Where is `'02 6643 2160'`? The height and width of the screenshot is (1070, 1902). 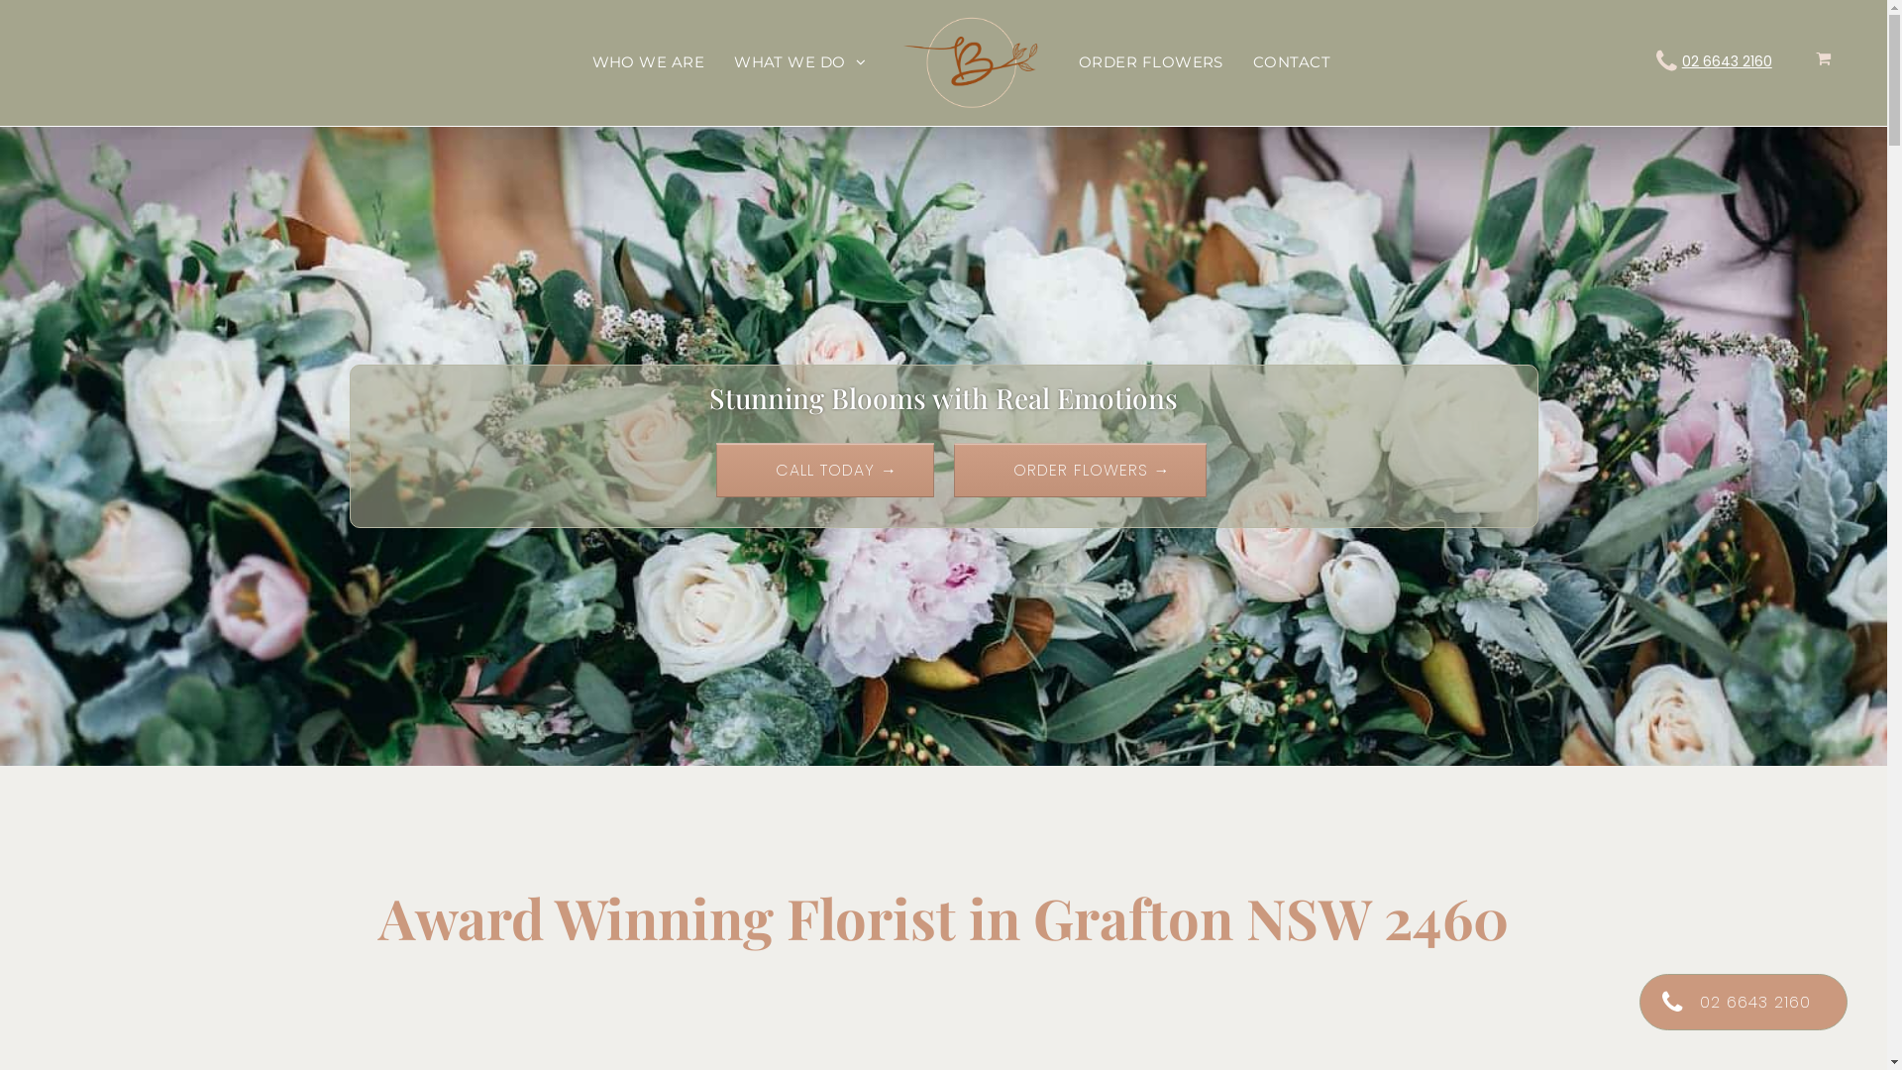
'02 6643 2160' is located at coordinates (1726, 59).